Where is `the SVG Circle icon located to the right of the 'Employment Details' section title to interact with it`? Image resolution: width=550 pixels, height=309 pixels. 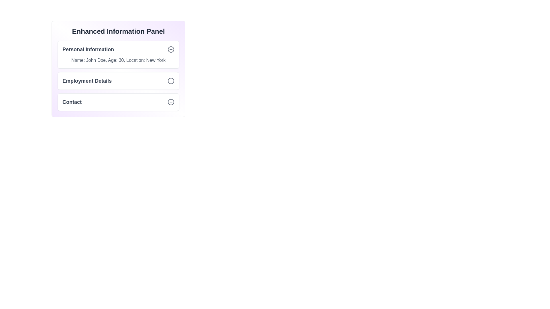 the SVG Circle icon located to the right of the 'Employment Details' section title to interact with it is located at coordinates (170, 81).